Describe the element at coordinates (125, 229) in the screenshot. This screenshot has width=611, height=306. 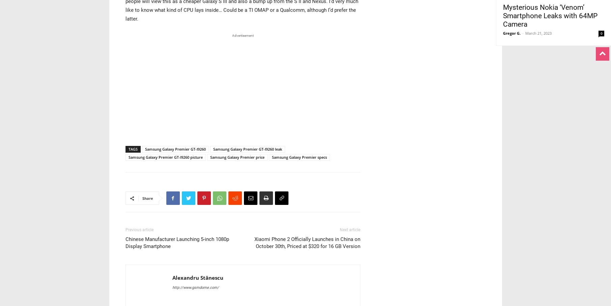
I see `'Previous article'` at that location.